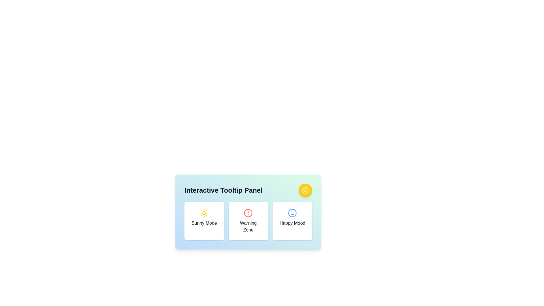 The width and height of the screenshot is (544, 306). Describe the element at coordinates (292, 213) in the screenshot. I see `the visual design of the circular smiley face icon with a blue outline, located centrally above the text 'Happy Mood'` at that location.